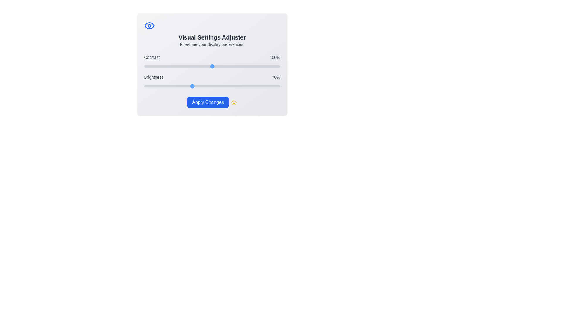 This screenshot has width=563, height=316. I want to click on the 'Contrast' slider to 38% by dragging the slider to the corresponding position, so click(169, 66).